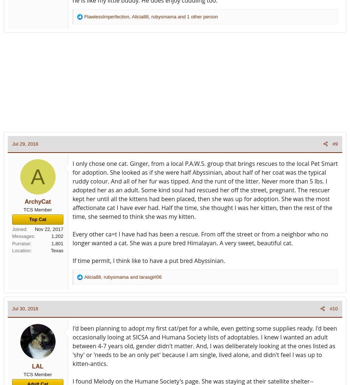 The image size is (350, 385). I want to click on 'and 1 other person', so click(197, 16).